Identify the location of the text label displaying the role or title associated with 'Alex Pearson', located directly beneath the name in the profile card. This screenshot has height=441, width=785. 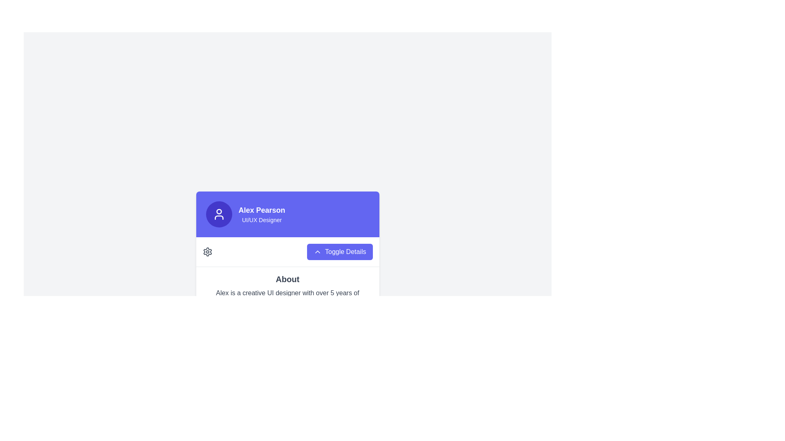
(262, 219).